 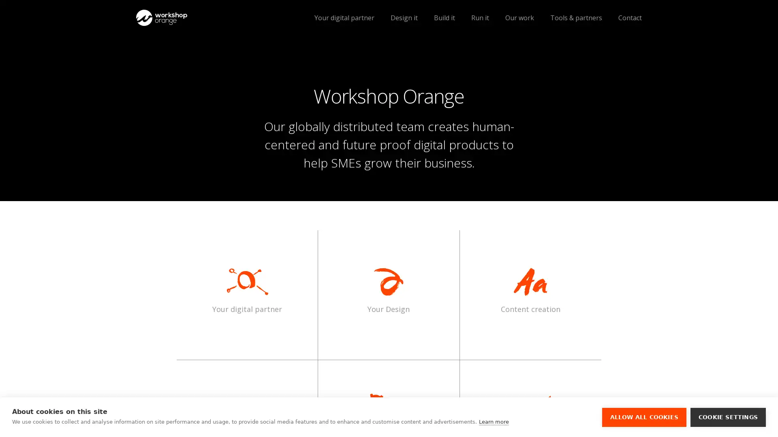 What do you see at coordinates (246, 290) in the screenshot?
I see `Your digital partner` at bounding box center [246, 290].